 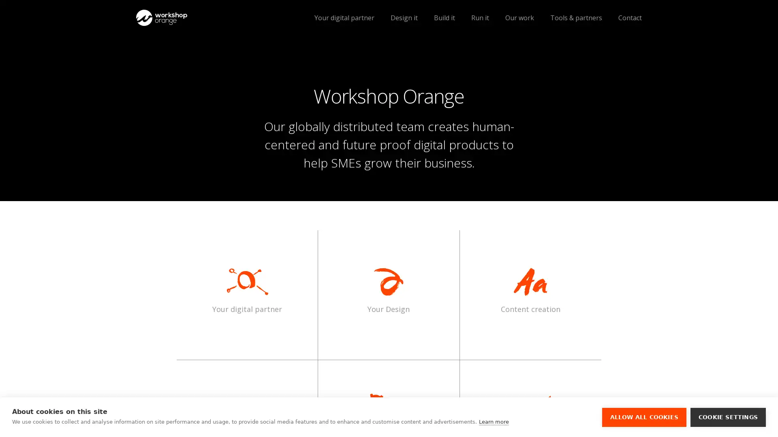 What do you see at coordinates (246, 290) in the screenshot?
I see `Your digital partner` at bounding box center [246, 290].